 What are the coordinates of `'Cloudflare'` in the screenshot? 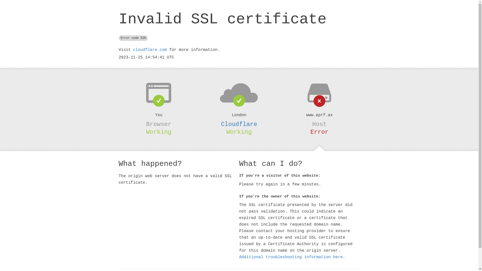 It's located at (238, 124).